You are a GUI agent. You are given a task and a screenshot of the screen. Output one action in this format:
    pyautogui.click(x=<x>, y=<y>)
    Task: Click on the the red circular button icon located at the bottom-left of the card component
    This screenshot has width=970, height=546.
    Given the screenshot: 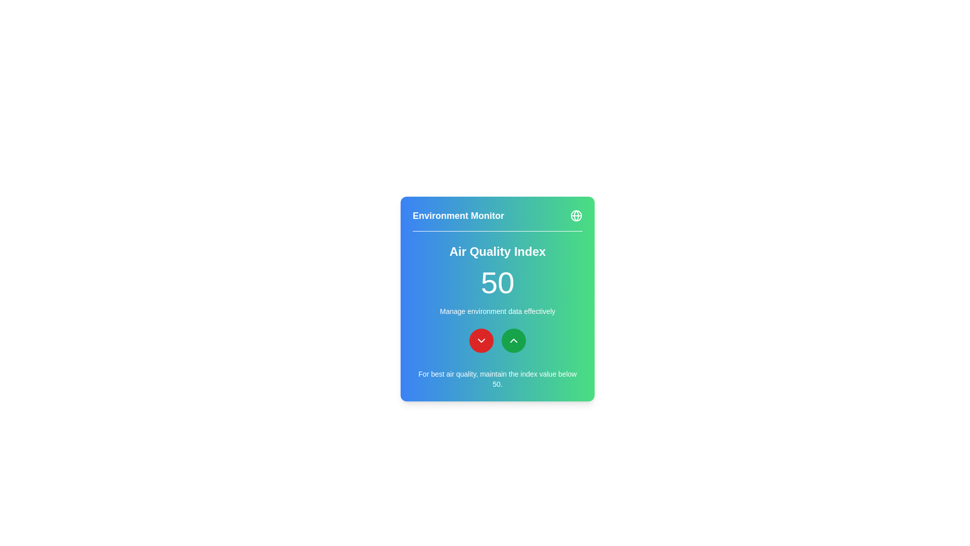 What is the action you would take?
    pyautogui.click(x=481, y=341)
    